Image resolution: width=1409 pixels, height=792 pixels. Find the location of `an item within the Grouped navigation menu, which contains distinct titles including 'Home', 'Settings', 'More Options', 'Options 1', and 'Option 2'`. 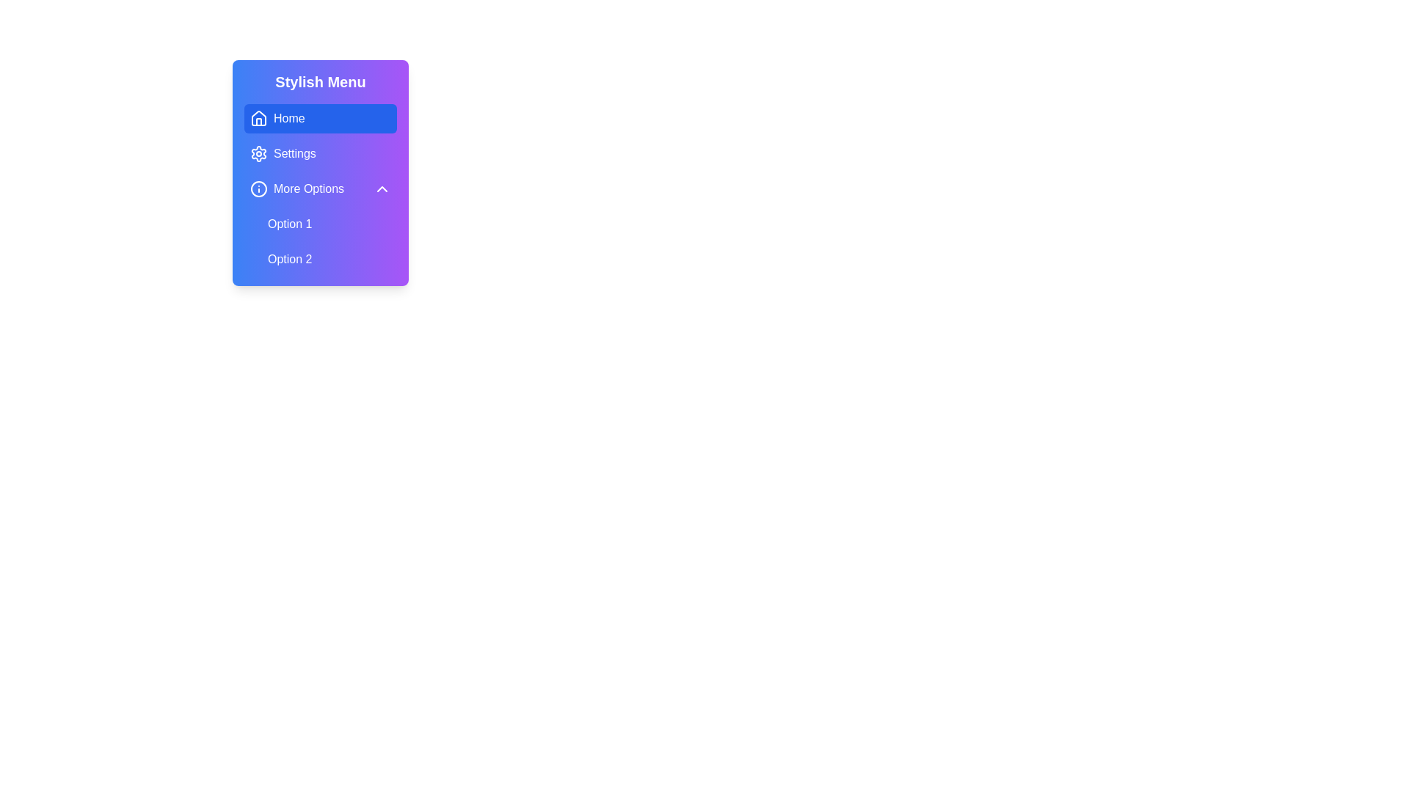

an item within the Grouped navigation menu, which contains distinct titles including 'Home', 'Settings', 'More Options', 'Options 1', and 'Option 2' is located at coordinates (319, 188).